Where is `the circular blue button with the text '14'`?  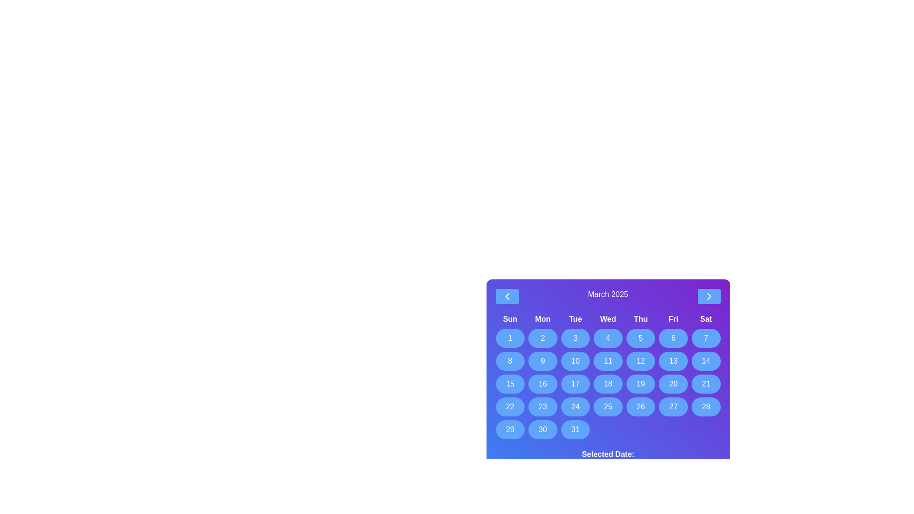
the circular blue button with the text '14' is located at coordinates (706, 361).